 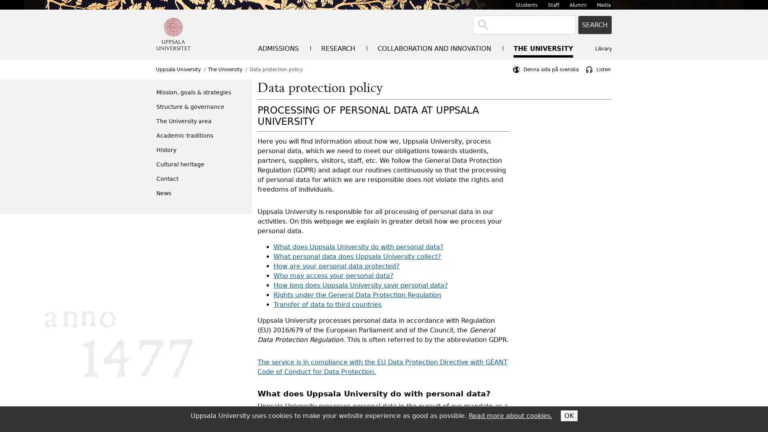 What do you see at coordinates (595, 24) in the screenshot?
I see `Search` at bounding box center [595, 24].